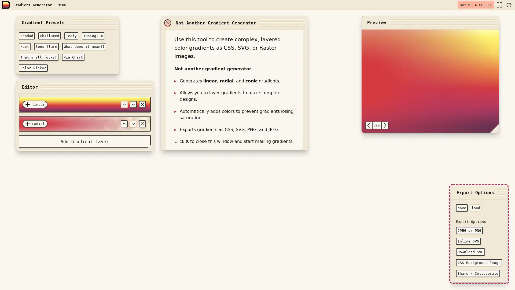 The height and width of the screenshot is (290, 515). Describe the element at coordinates (477, 273) in the screenshot. I see `Share / Collaborate` at that location.